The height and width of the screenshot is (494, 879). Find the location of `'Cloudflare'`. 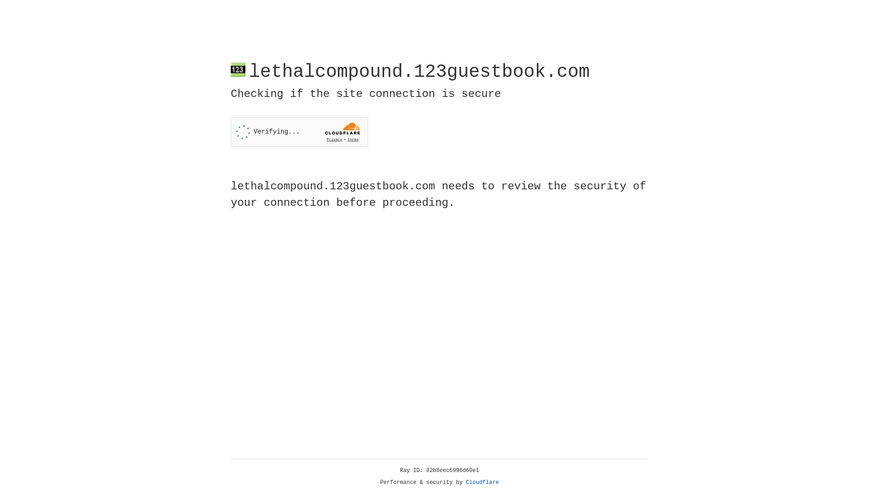

'Cloudflare' is located at coordinates (466, 482).